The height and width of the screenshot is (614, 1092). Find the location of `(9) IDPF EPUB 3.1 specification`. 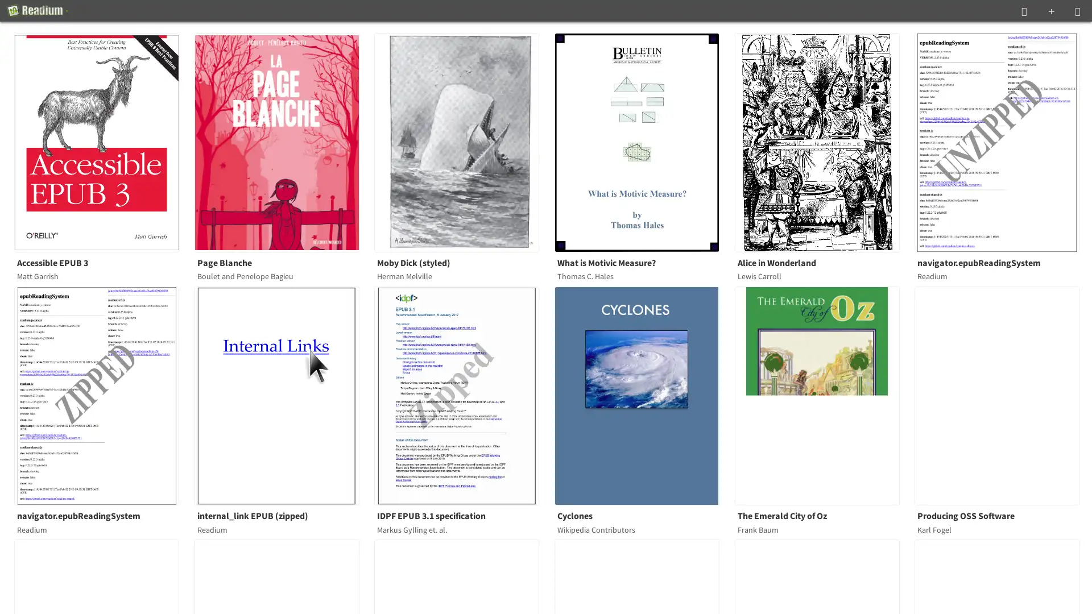

(9) IDPF EPUB 3.1 specification is located at coordinates (464, 395).